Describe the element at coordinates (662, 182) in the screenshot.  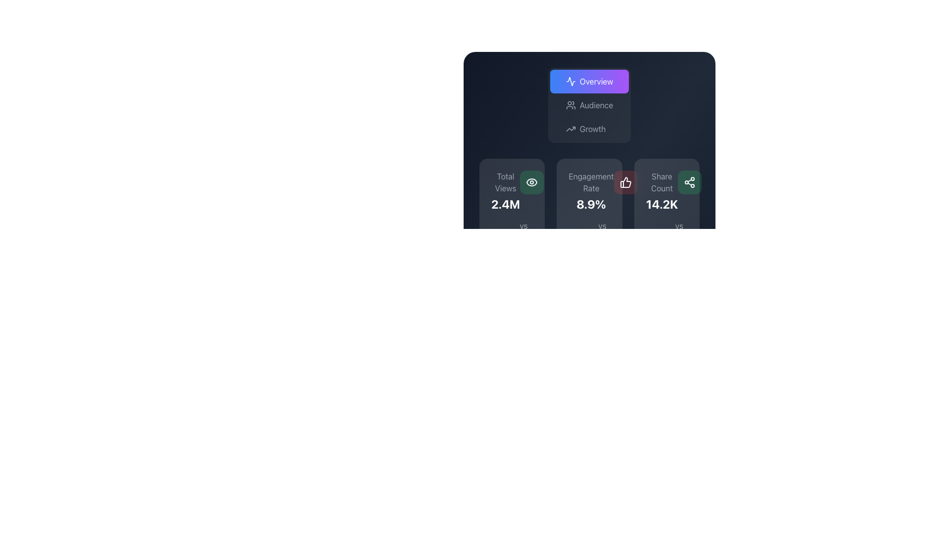
I see `the 'Share Count' text display, which is a smaller, gray-colored label located above the numerical value '14.2K' in the statistics area` at that location.